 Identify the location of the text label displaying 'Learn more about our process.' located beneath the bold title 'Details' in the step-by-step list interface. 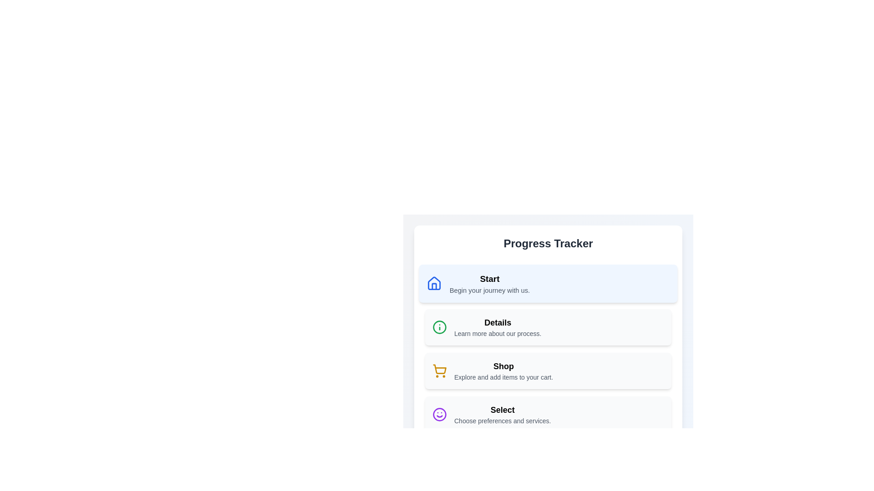
(497, 333).